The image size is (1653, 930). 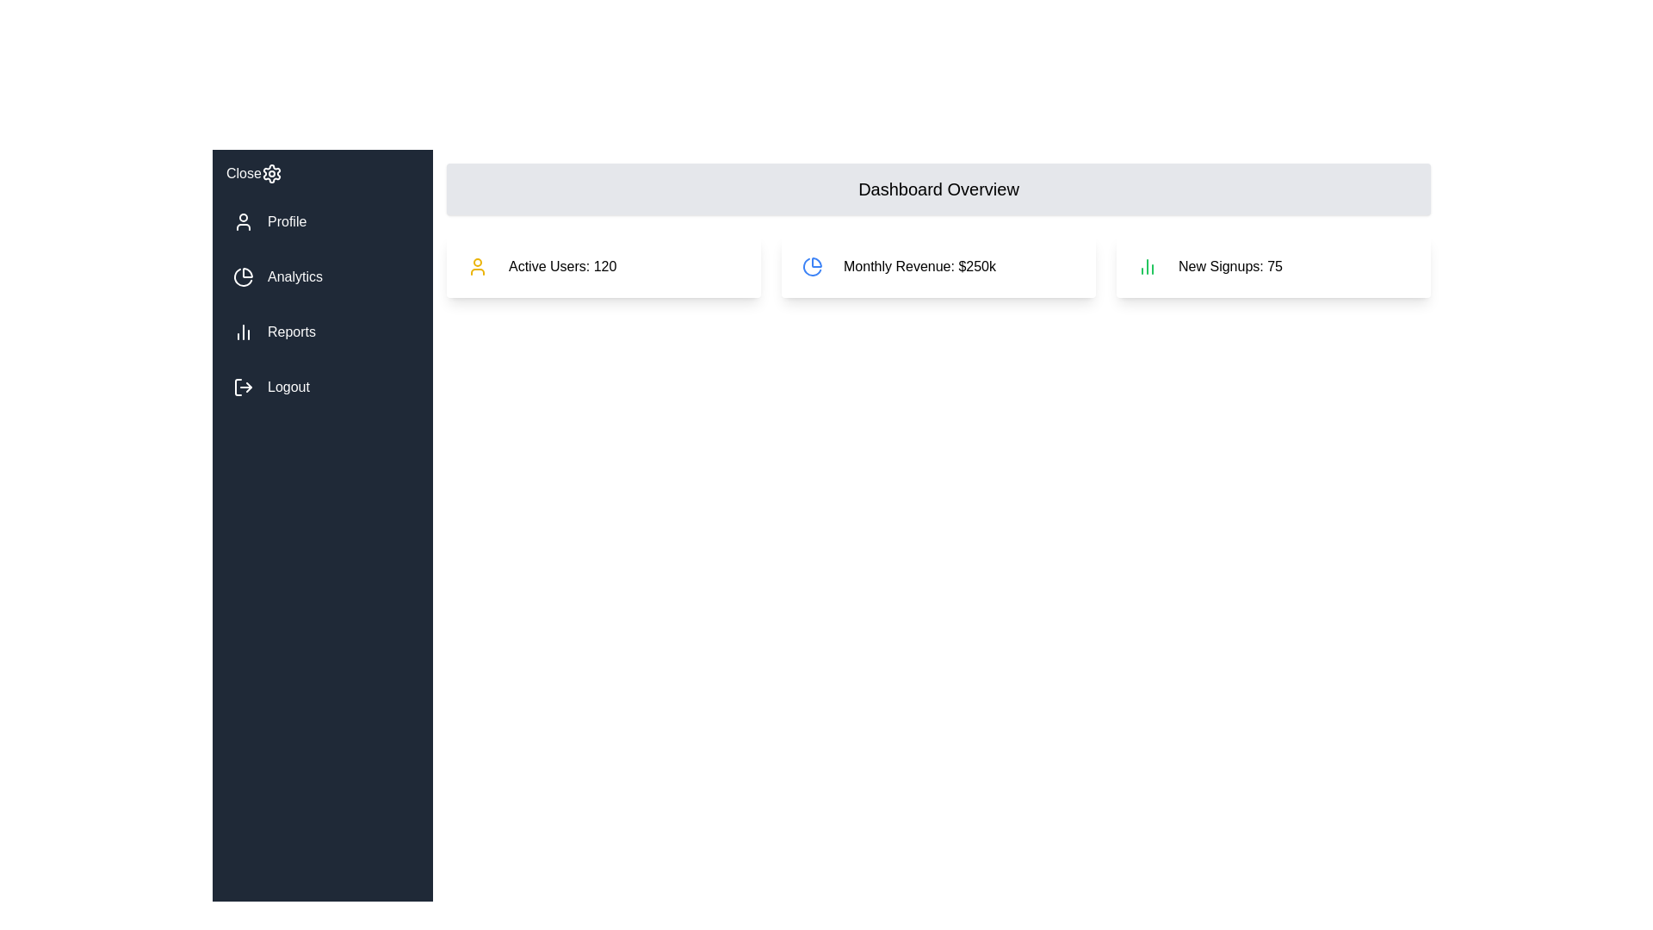 What do you see at coordinates (288, 387) in the screenshot?
I see `the logout text label in the sidebar menu that clearly indicates the logout functionality, located at the bottom of the main menu items` at bounding box center [288, 387].